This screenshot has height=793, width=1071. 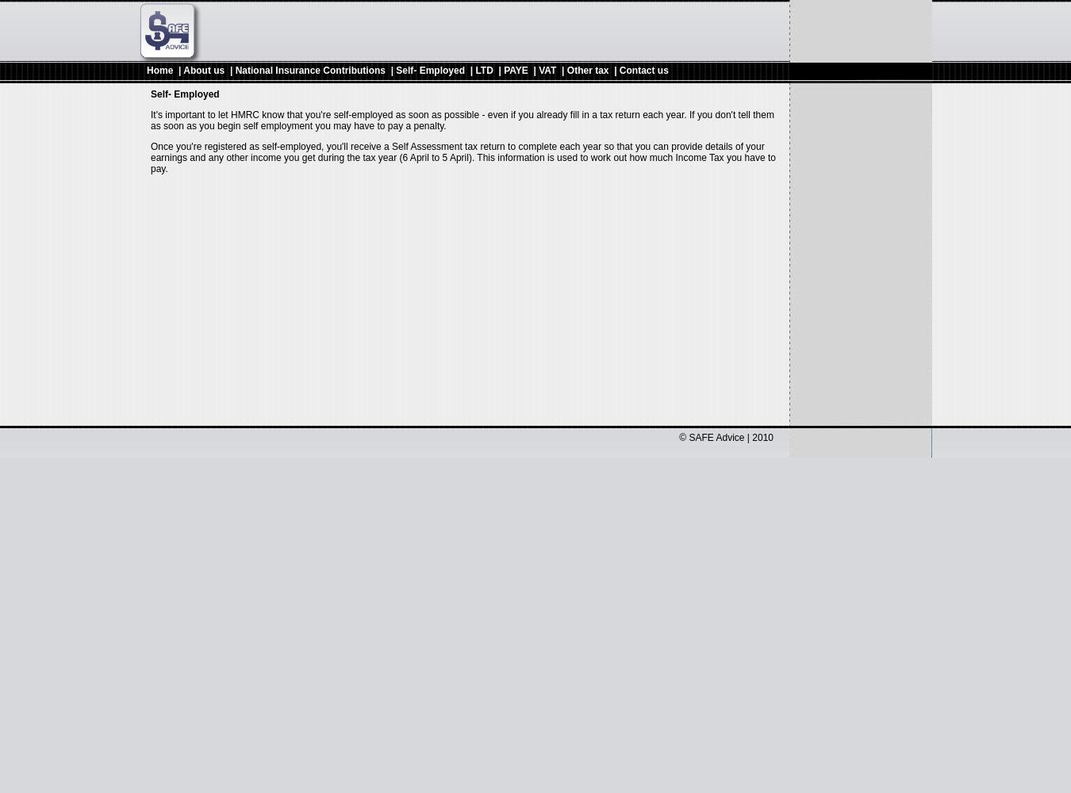 I want to click on 'It's important to let HMRC know that you're self-employed as soon as possible - even if you already fill in a tax return each year. If you don't tell them as soon as you begin self employment you may have to pay a penalty.', so click(x=462, y=121).